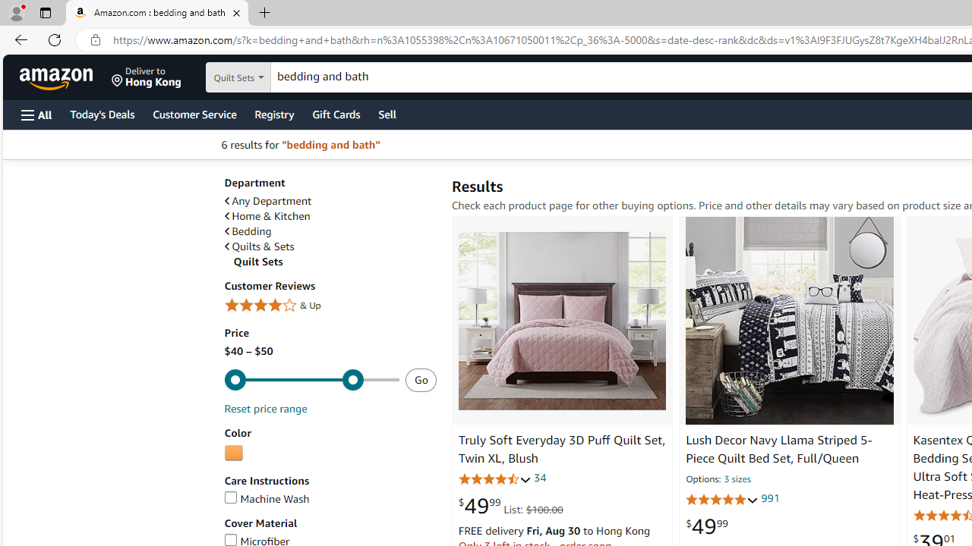 This screenshot has height=546, width=972. Describe the element at coordinates (157, 13) in the screenshot. I see `'Amazon.com : bedding and bath'` at that location.